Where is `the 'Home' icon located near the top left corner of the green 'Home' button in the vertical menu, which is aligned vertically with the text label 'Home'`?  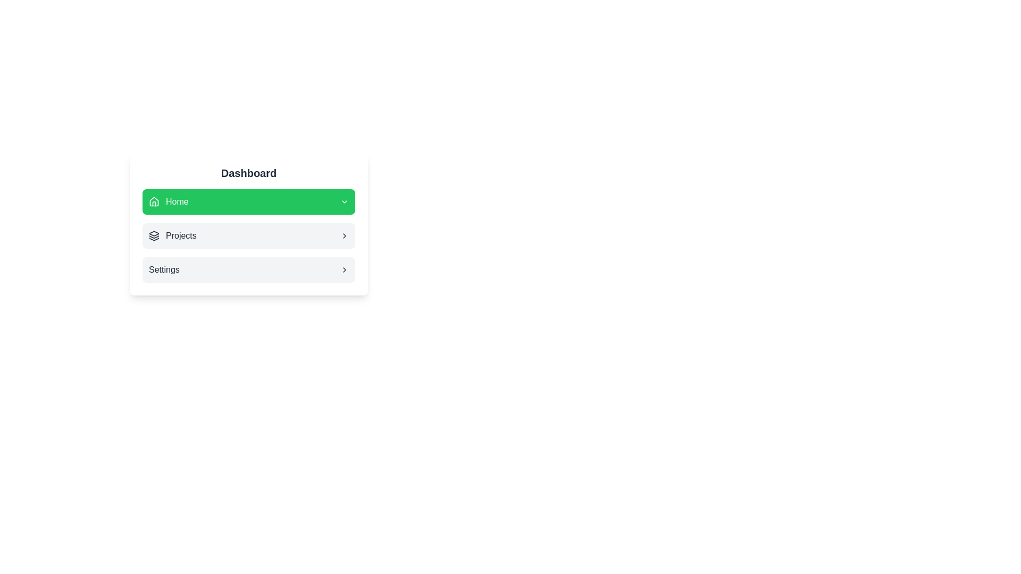 the 'Home' icon located near the top left corner of the green 'Home' button in the vertical menu, which is aligned vertically with the text label 'Home' is located at coordinates (153, 201).